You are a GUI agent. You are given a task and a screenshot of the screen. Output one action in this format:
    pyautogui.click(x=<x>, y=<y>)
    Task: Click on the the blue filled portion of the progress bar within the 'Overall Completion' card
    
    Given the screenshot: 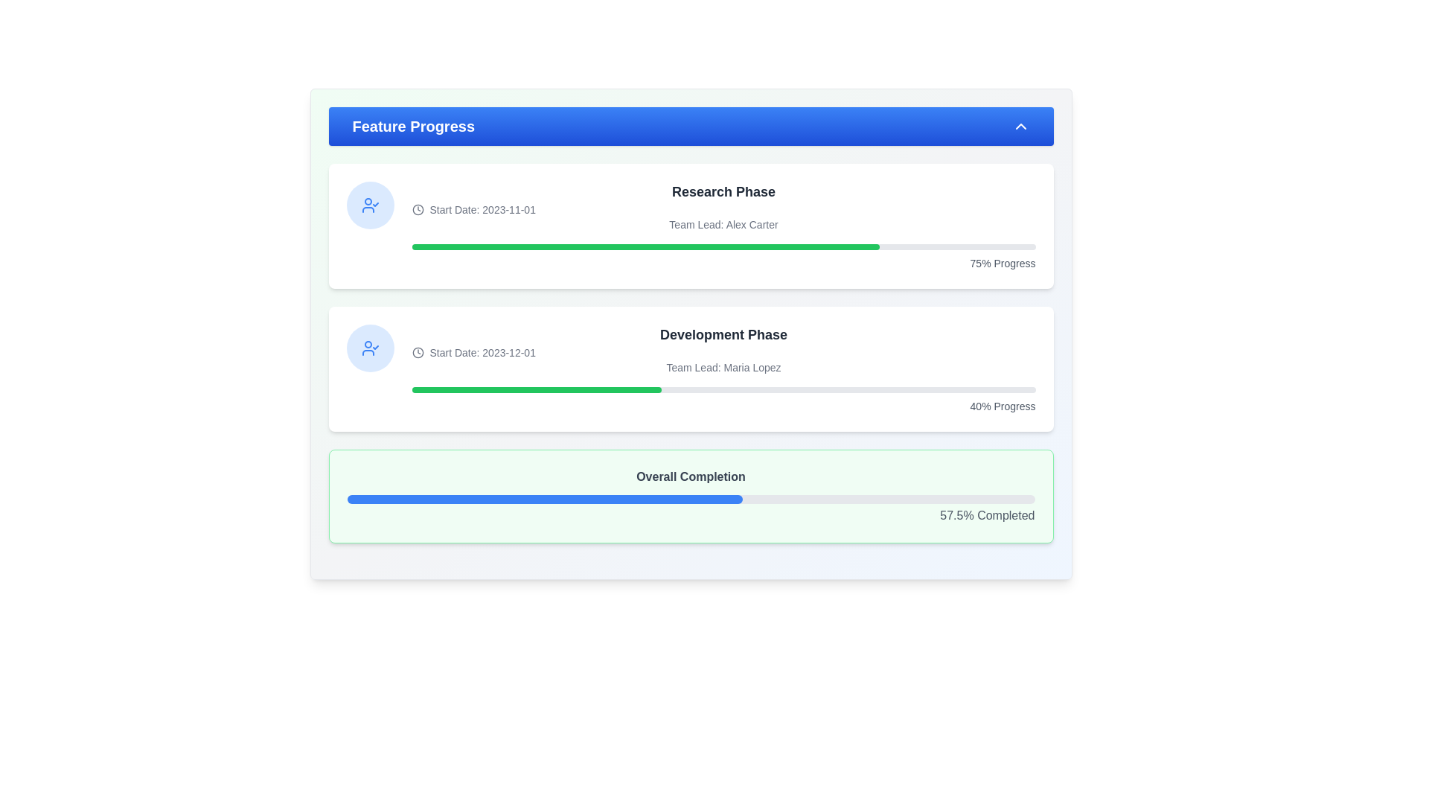 What is the action you would take?
    pyautogui.click(x=544, y=500)
    